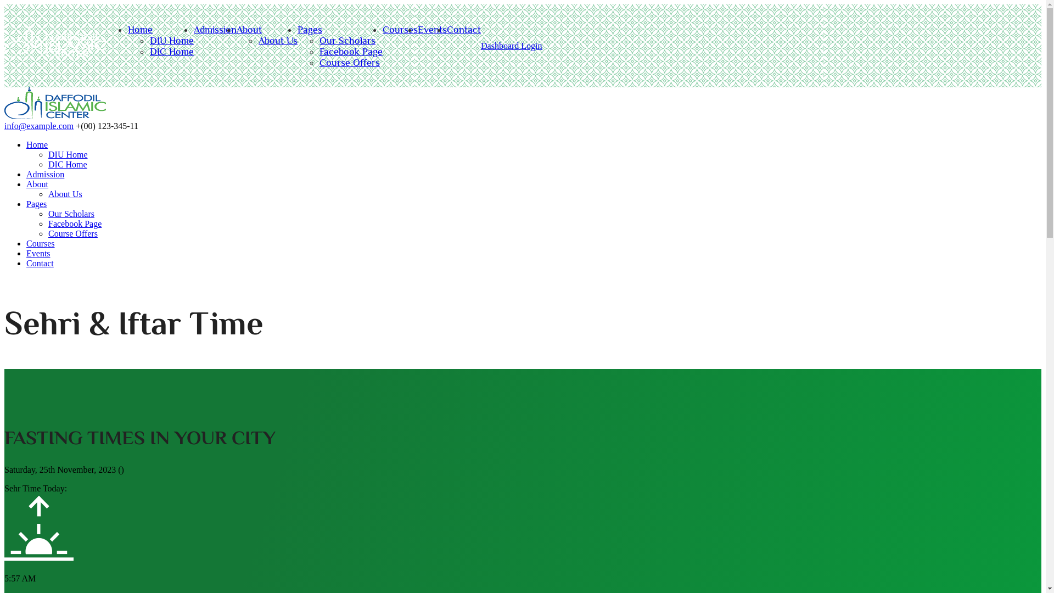  Describe the element at coordinates (347, 40) in the screenshot. I see `'Our Scholars'` at that location.